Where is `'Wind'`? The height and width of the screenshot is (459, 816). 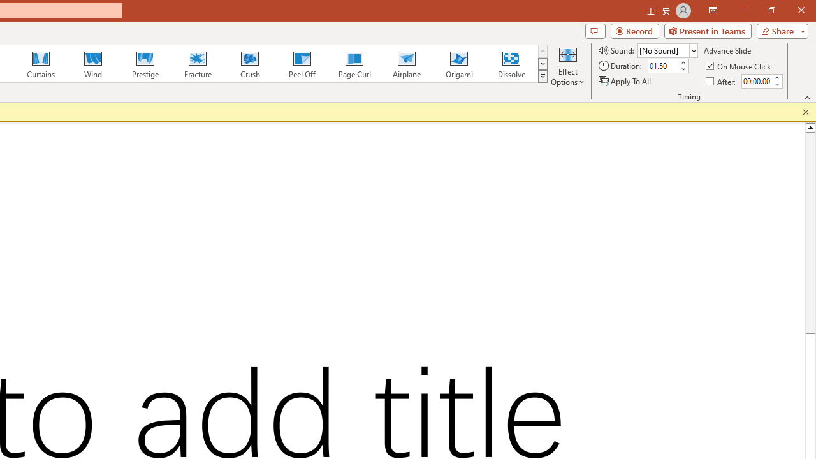 'Wind' is located at coordinates (92, 64).